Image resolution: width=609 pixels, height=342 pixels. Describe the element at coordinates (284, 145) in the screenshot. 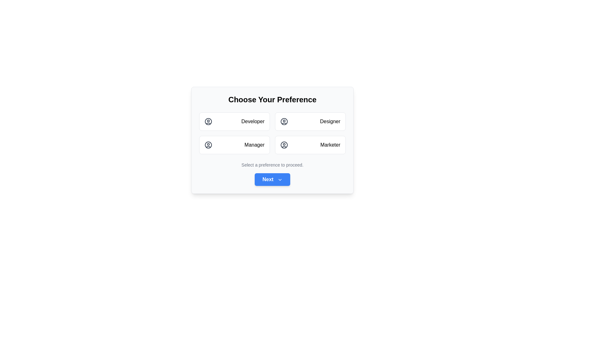

I see `the user profile icon located within the 'Marketer' card at the bottom-right of the preference selection grid in the centered interface modal` at that location.